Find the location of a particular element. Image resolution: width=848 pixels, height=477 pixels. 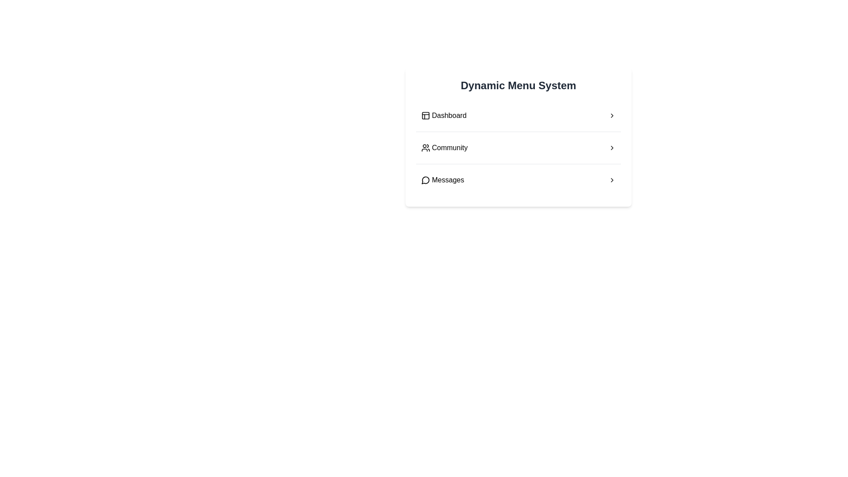

text content of the static label labeled 'Dashboard', which is the first item in the vertical menu under 'Dynamic Menu System' is located at coordinates (449, 115).